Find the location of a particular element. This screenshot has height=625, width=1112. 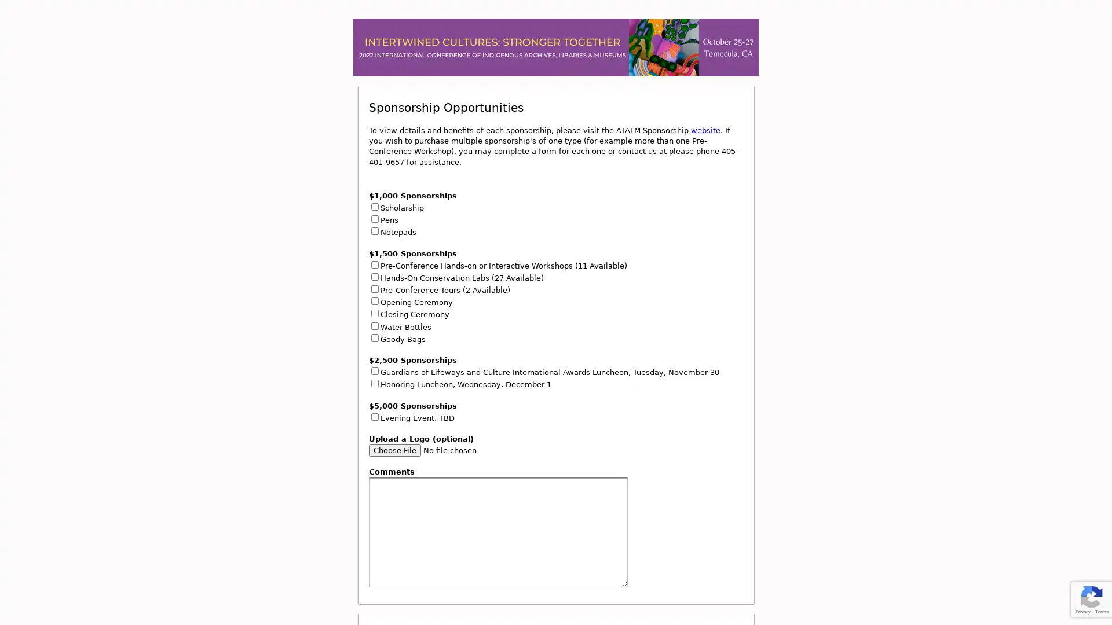

Upload a Logo (optional) is located at coordinates (447, 450).